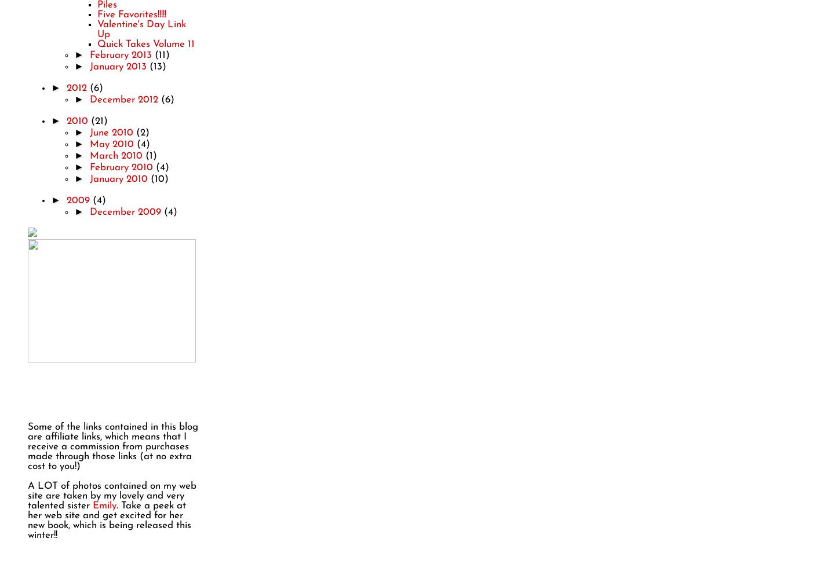 The width and height of the screenshot is (816, 586). I want to click on '(2)', so click(141, 132).